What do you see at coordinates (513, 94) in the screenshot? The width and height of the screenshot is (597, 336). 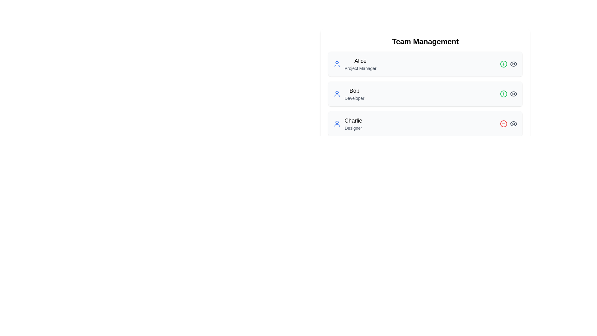 I see `the Eye icon for Bob` at bounding box center [513, 94].